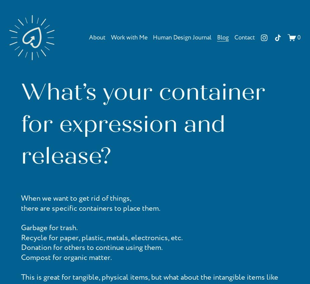 Image resolution: width=310 pixels, height=284 pixels. What do you see at coordinates (244, 37) in the screenshot?
I see `'Contact'` at bounding box center [244, 37].